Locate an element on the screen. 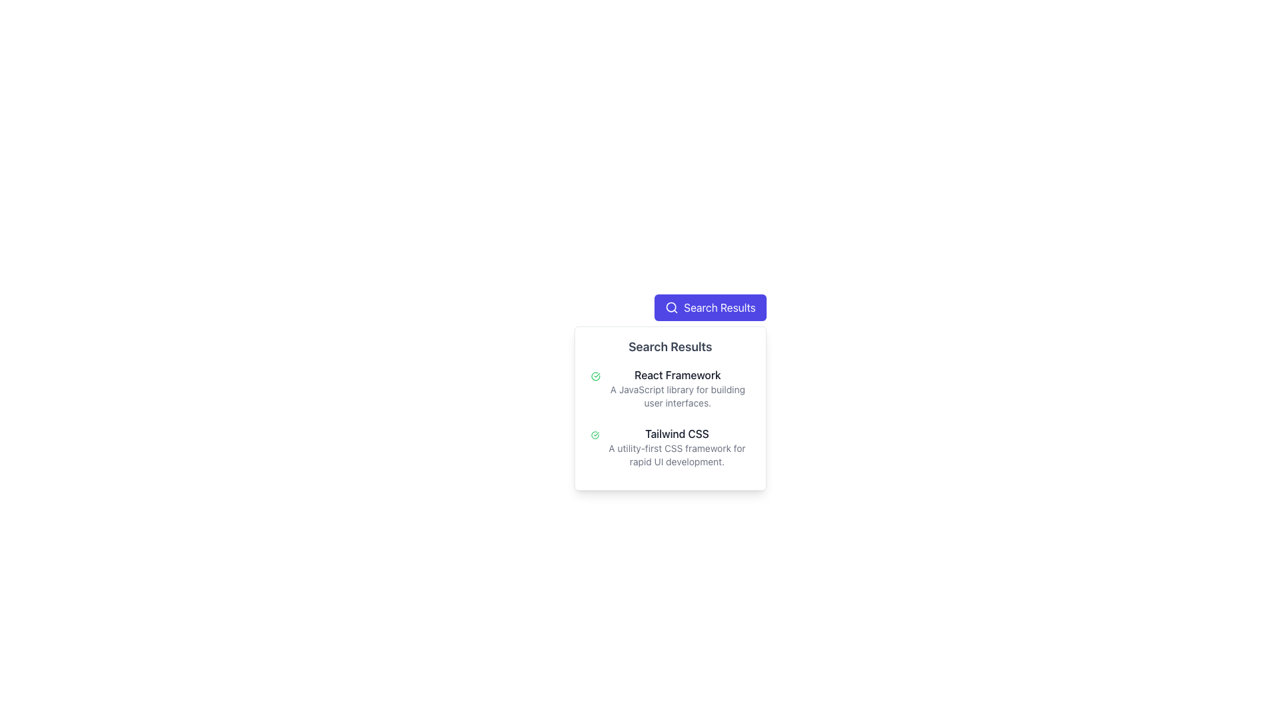  text block titled 'React Framework' which contains a bold title and a description in smaller gray font, located at the first position in a vertically stacked list of components is located at coordinates (677, 389).